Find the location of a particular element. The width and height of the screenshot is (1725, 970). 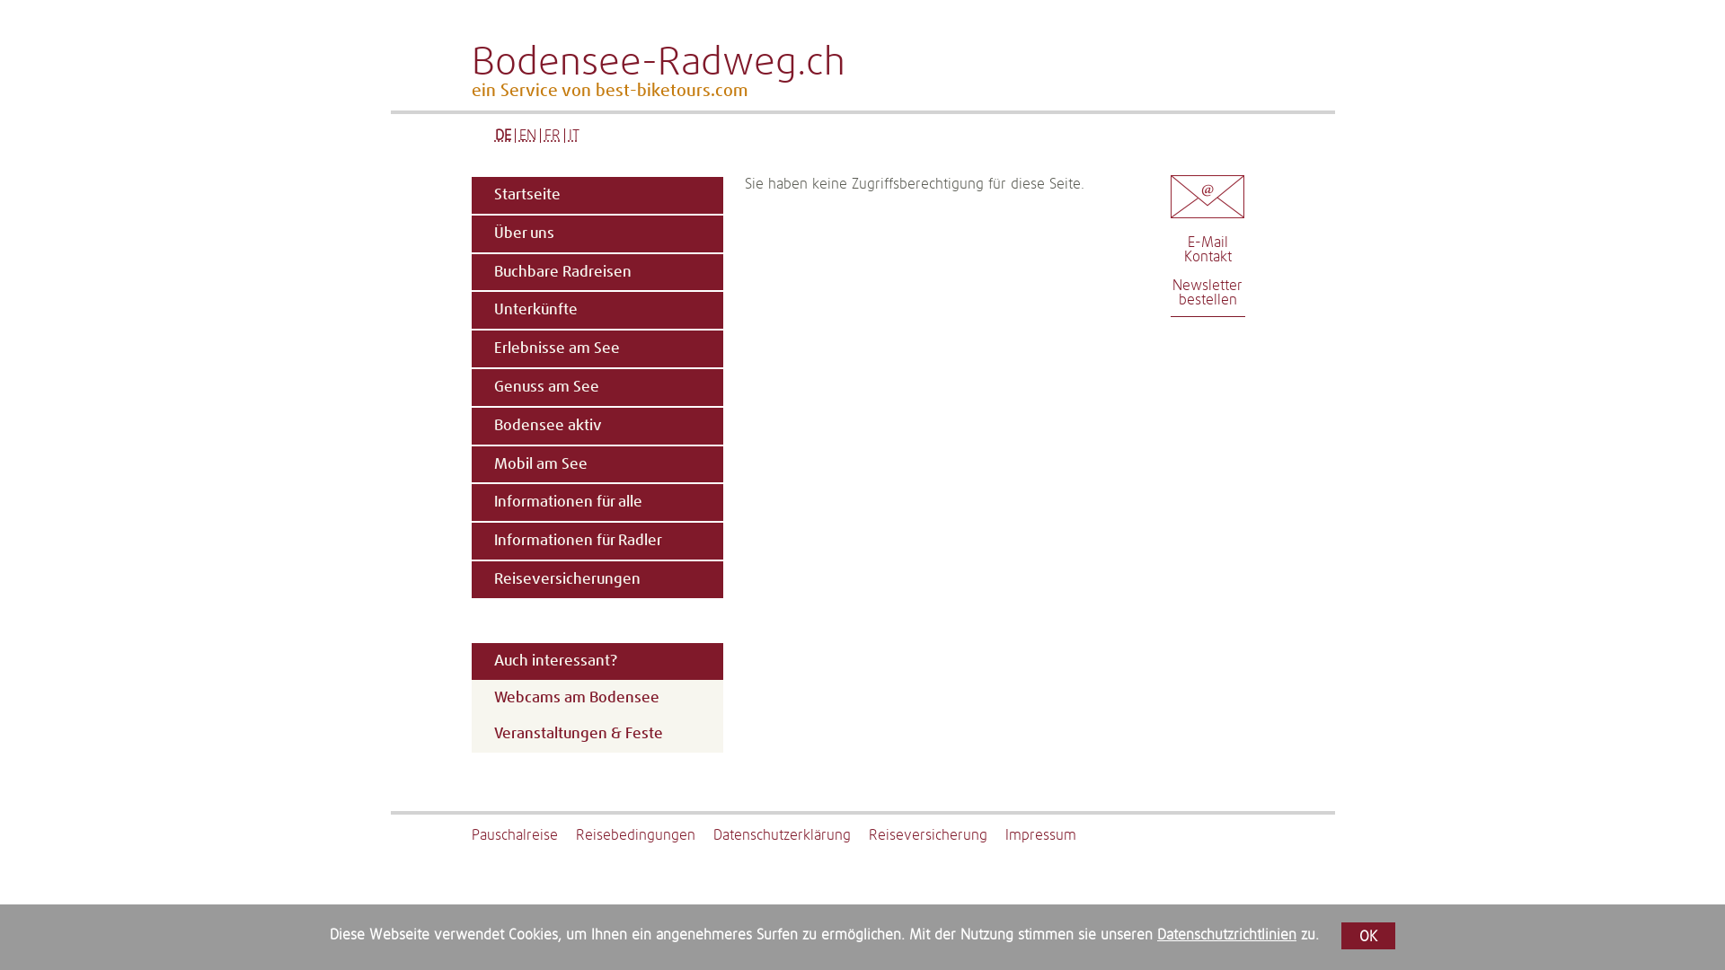

'Impressum' is located at coordinates (1004, 834).